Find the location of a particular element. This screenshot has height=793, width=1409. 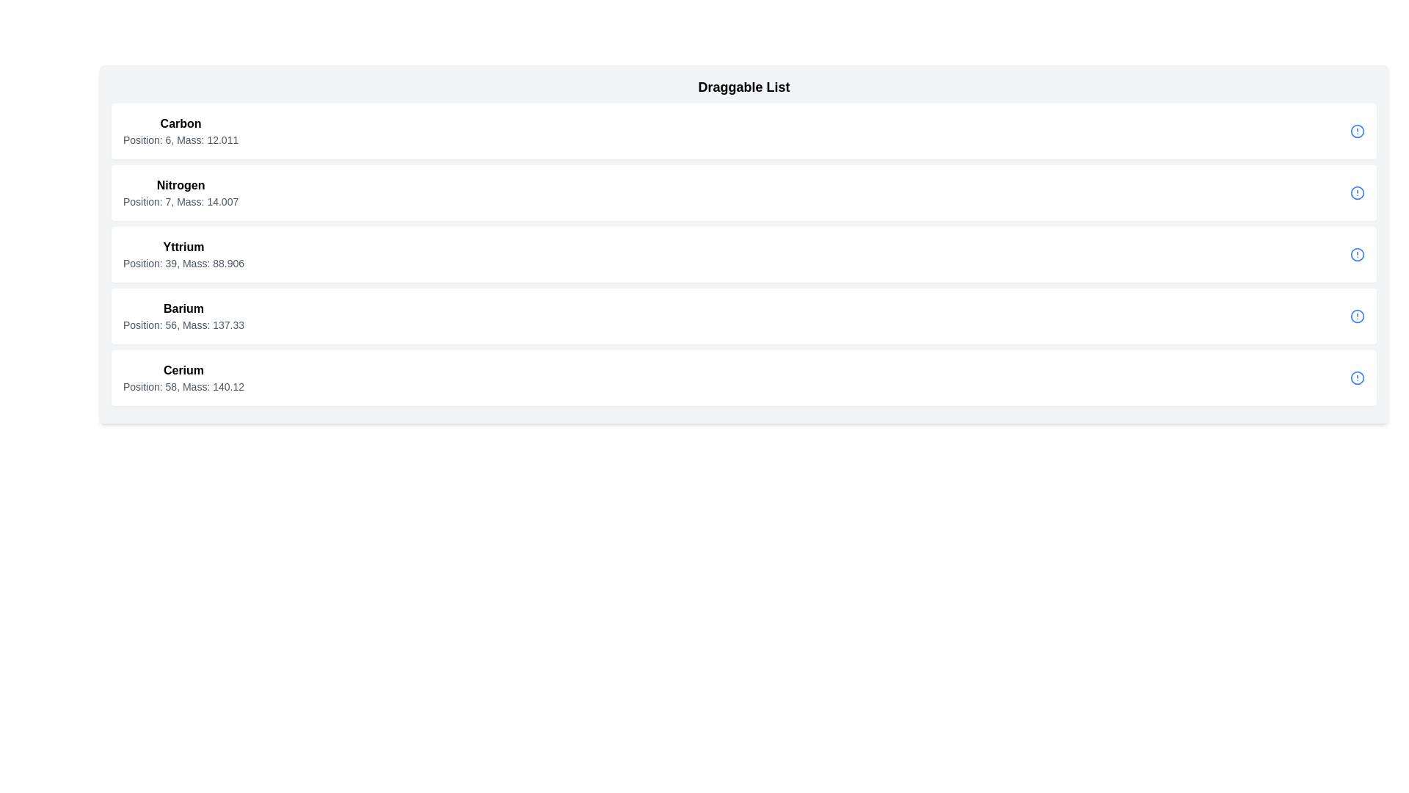

the icon on the far right side of the row associated with 'Yttrium', which serves as an indicator or button for additional information or warnings is located at coordinates (1356, 254).